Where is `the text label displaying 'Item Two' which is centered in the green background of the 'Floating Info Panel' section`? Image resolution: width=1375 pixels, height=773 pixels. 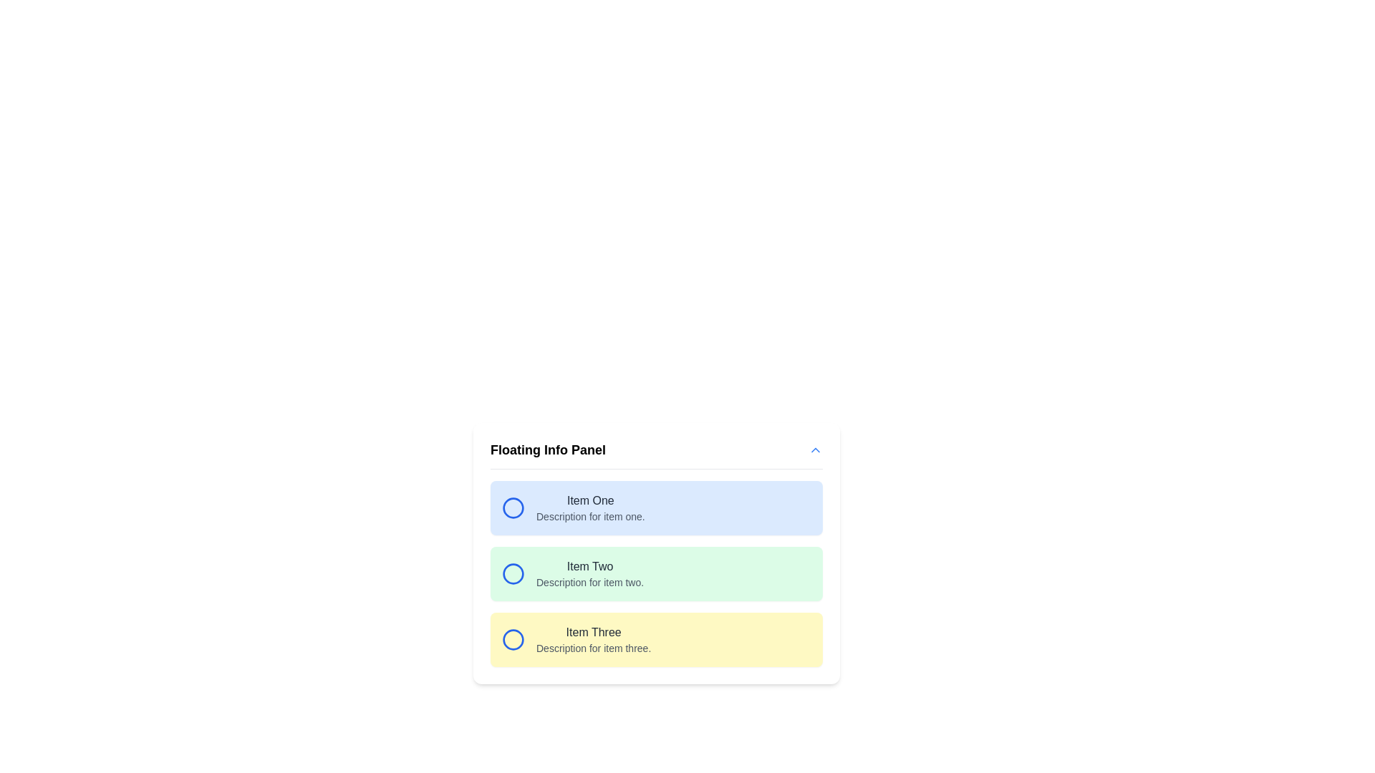
the text label displaying 'Item Two' which is centered in the green background of the 'Floating Info Panel' section is located at coordinates (590, 565).